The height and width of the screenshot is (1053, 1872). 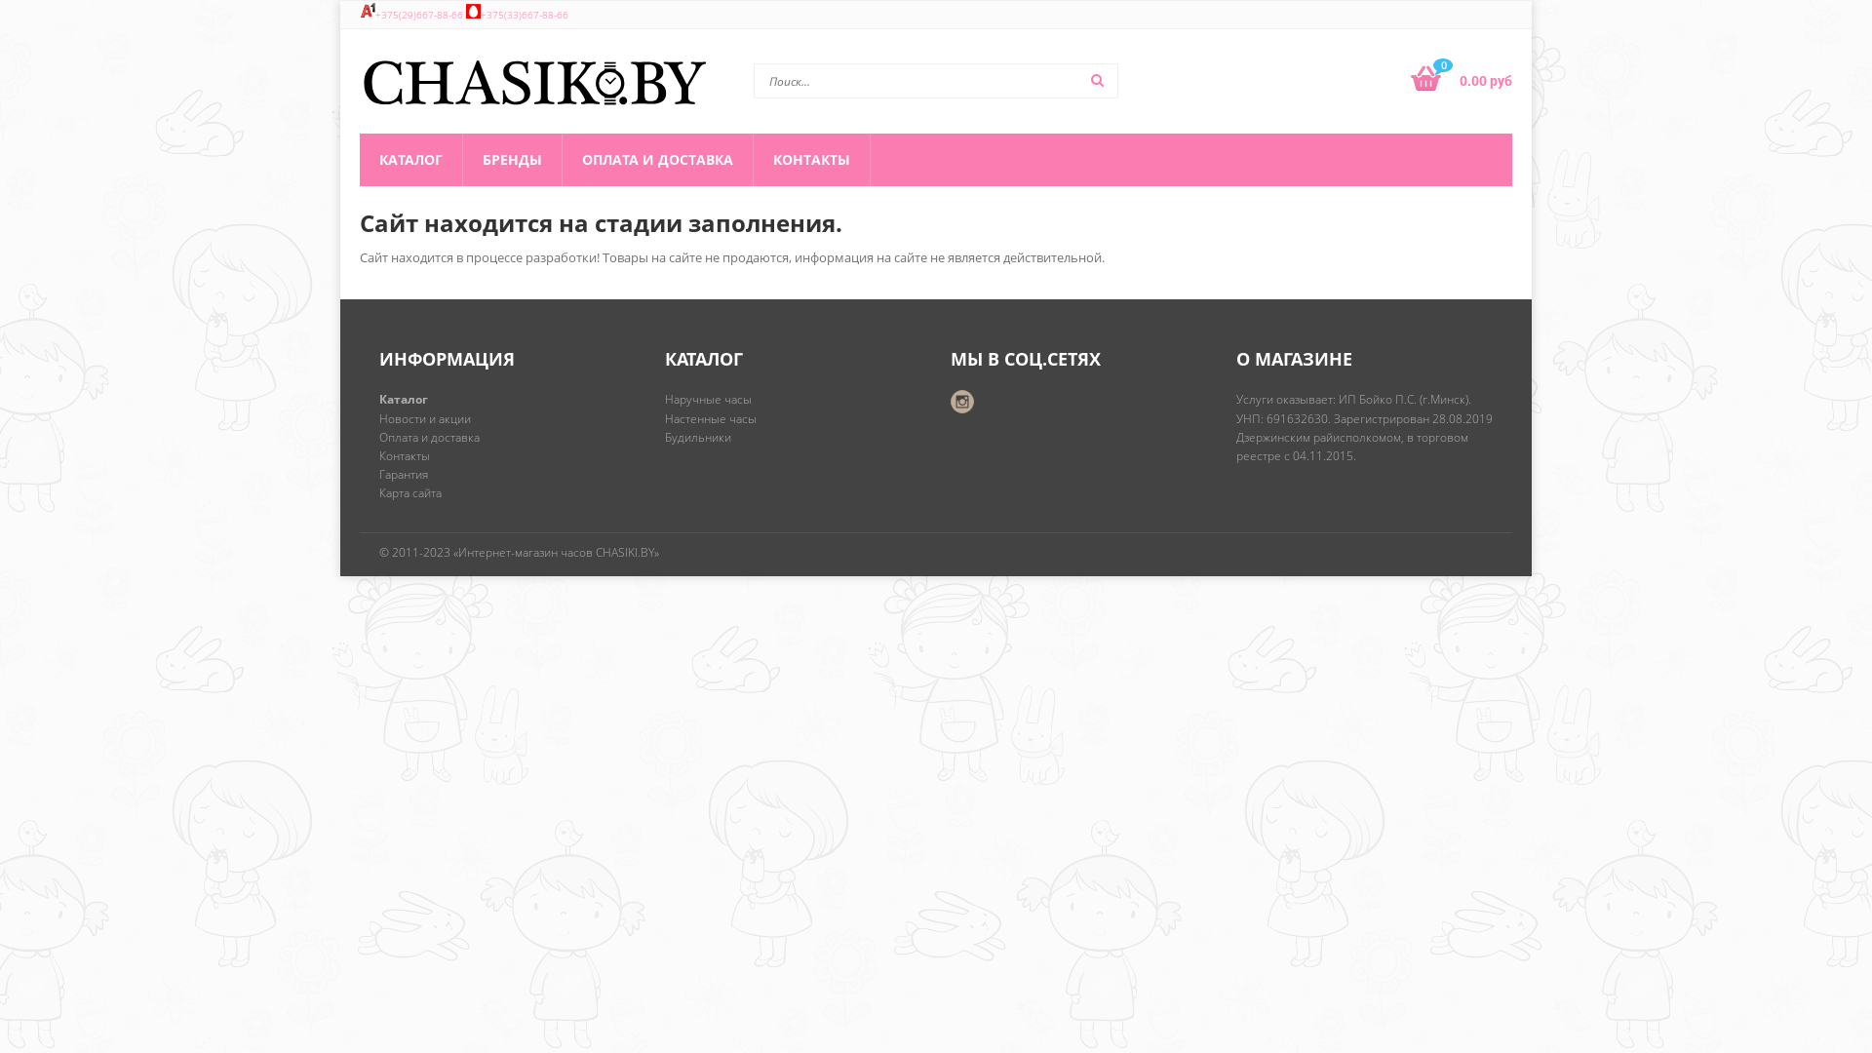 I want to click on '+375(33)667-88-66', so click(x=524, y=15).